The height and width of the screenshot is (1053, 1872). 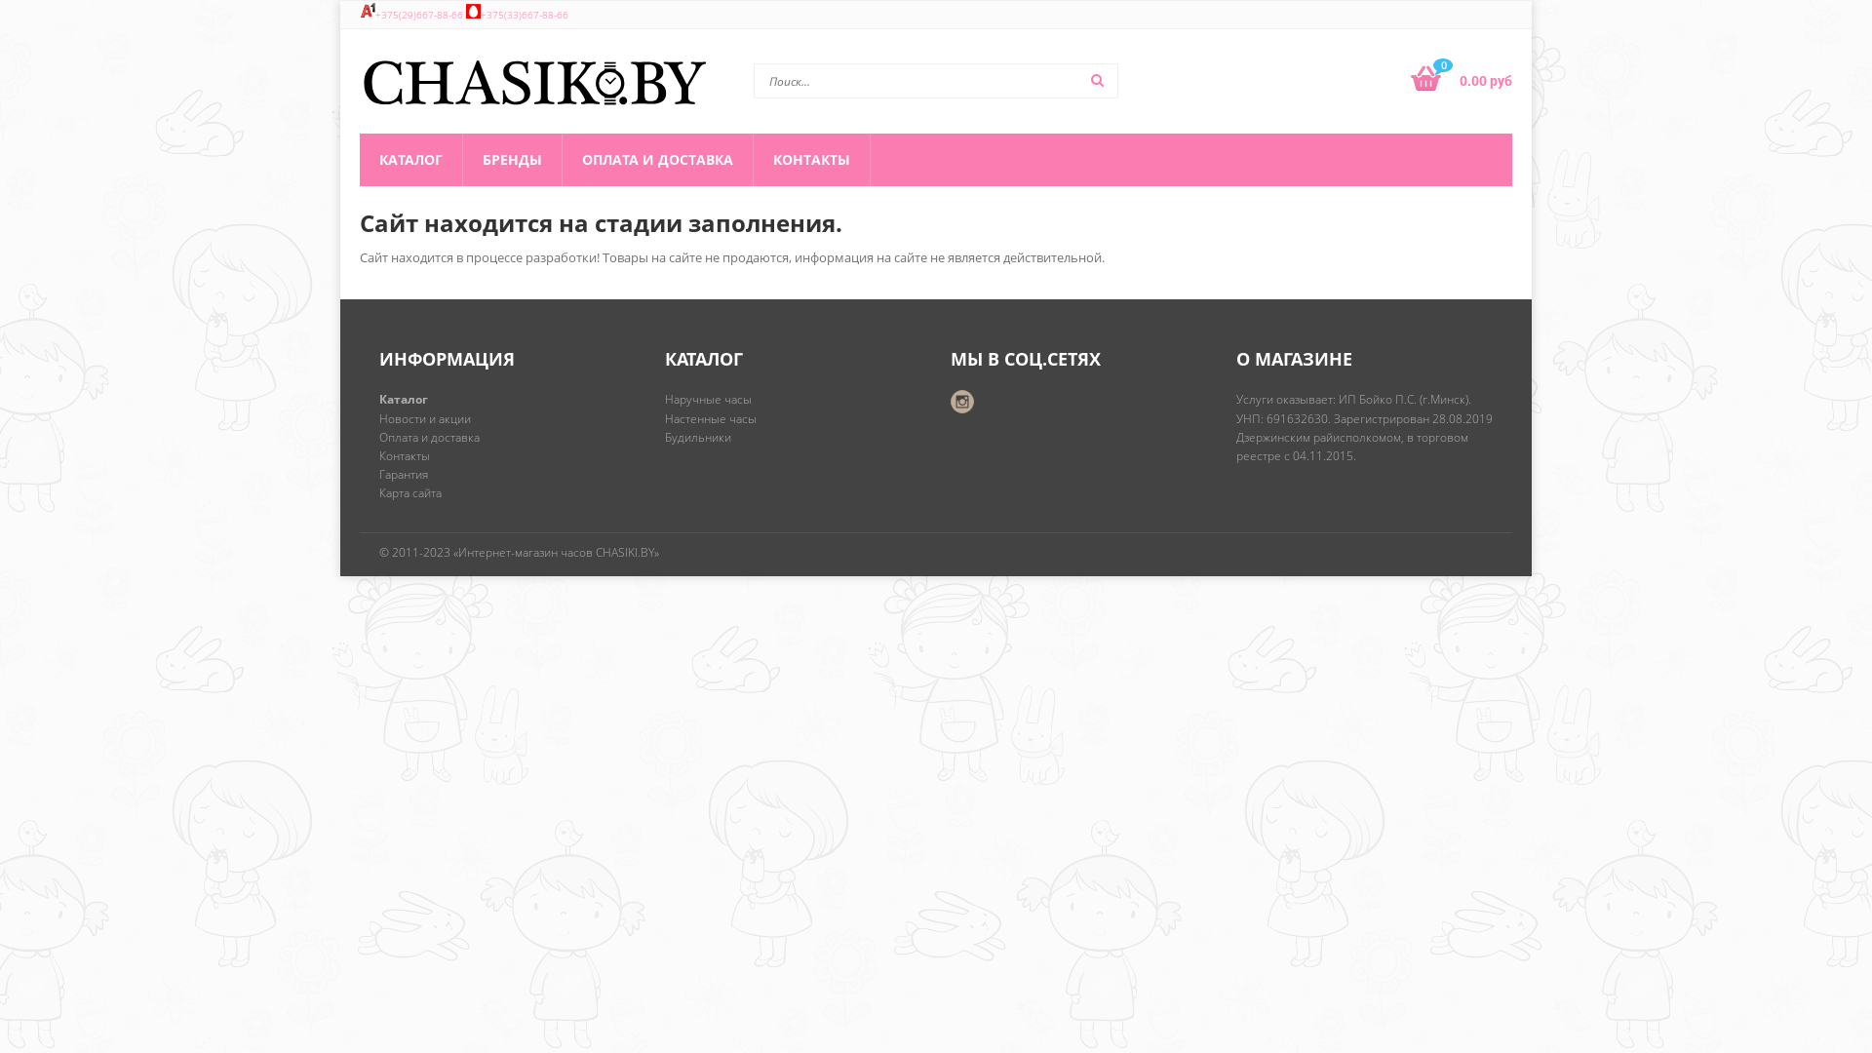 I want to click on '+375(33)667-88-66', so click(x=524, y=15).